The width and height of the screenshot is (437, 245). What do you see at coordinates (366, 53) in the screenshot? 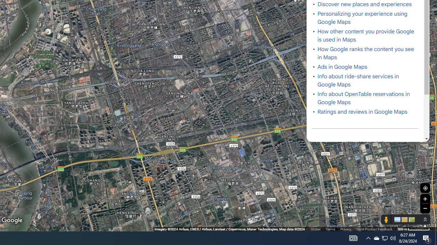
I see `'How Google ranks the content you see in Maps'` at bounding box center [366, 53].